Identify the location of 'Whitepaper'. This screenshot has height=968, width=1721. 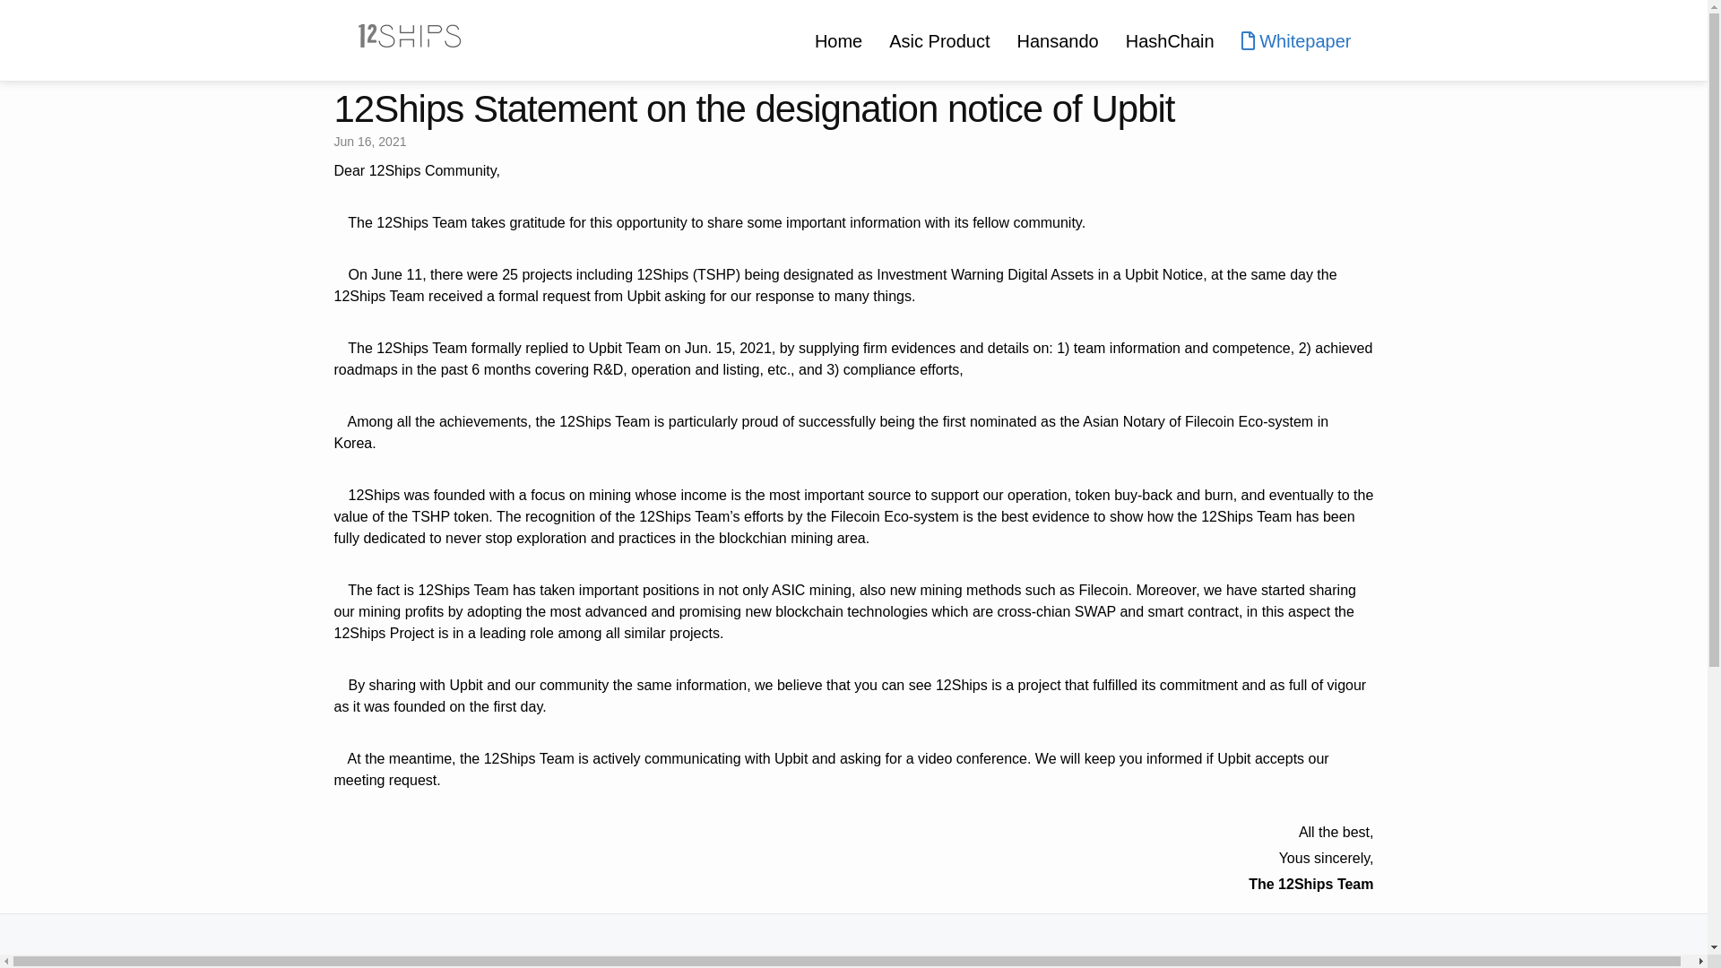
(1226, 40).